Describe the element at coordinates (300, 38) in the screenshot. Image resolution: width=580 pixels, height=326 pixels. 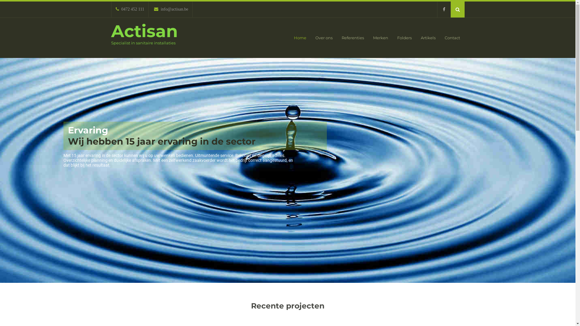
I see `'Home'` at that location.